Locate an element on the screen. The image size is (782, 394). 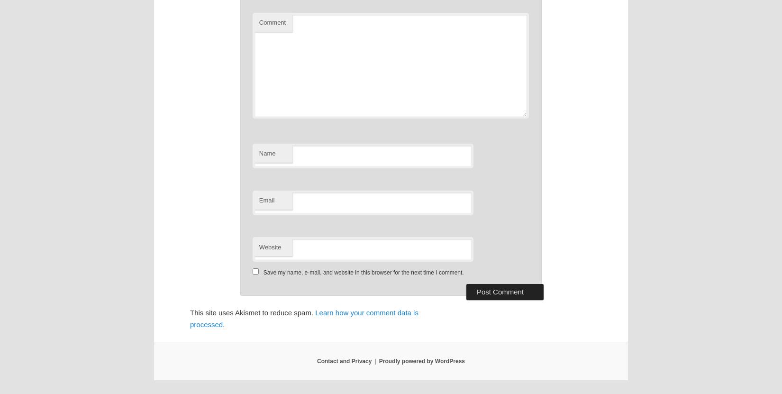
'Save my name, e-mail, and website in this browser for the next time I comment.' is located at coordinates (363, 272).